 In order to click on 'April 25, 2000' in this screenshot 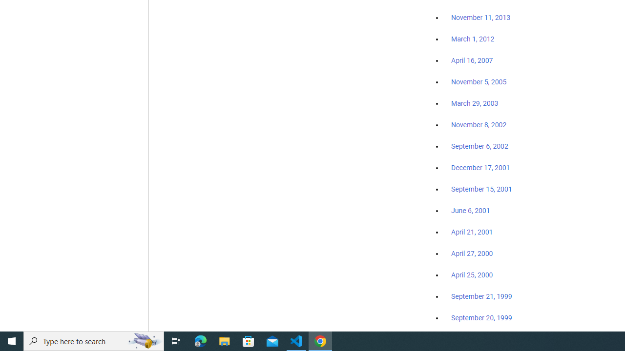, I will do `click(472, 275)`.